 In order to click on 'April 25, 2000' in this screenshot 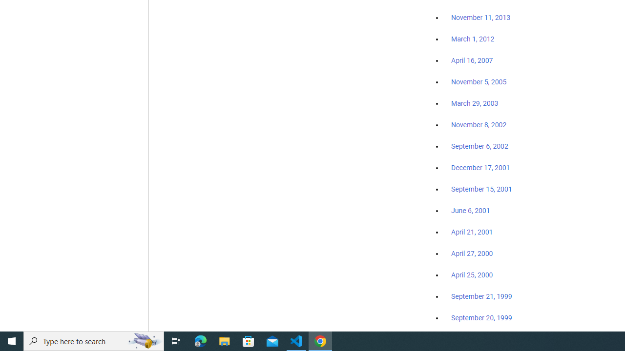, I will do `click(472, 275)`.